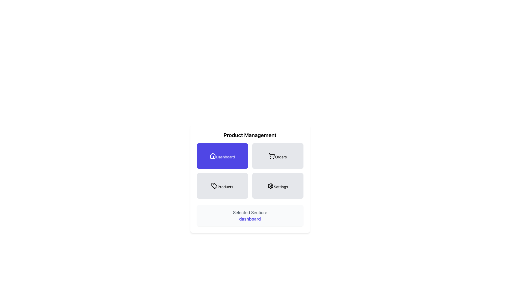  I want to click on the settings icon located at the bottom-right quadrant of the four-option grid, so click(270, 186).